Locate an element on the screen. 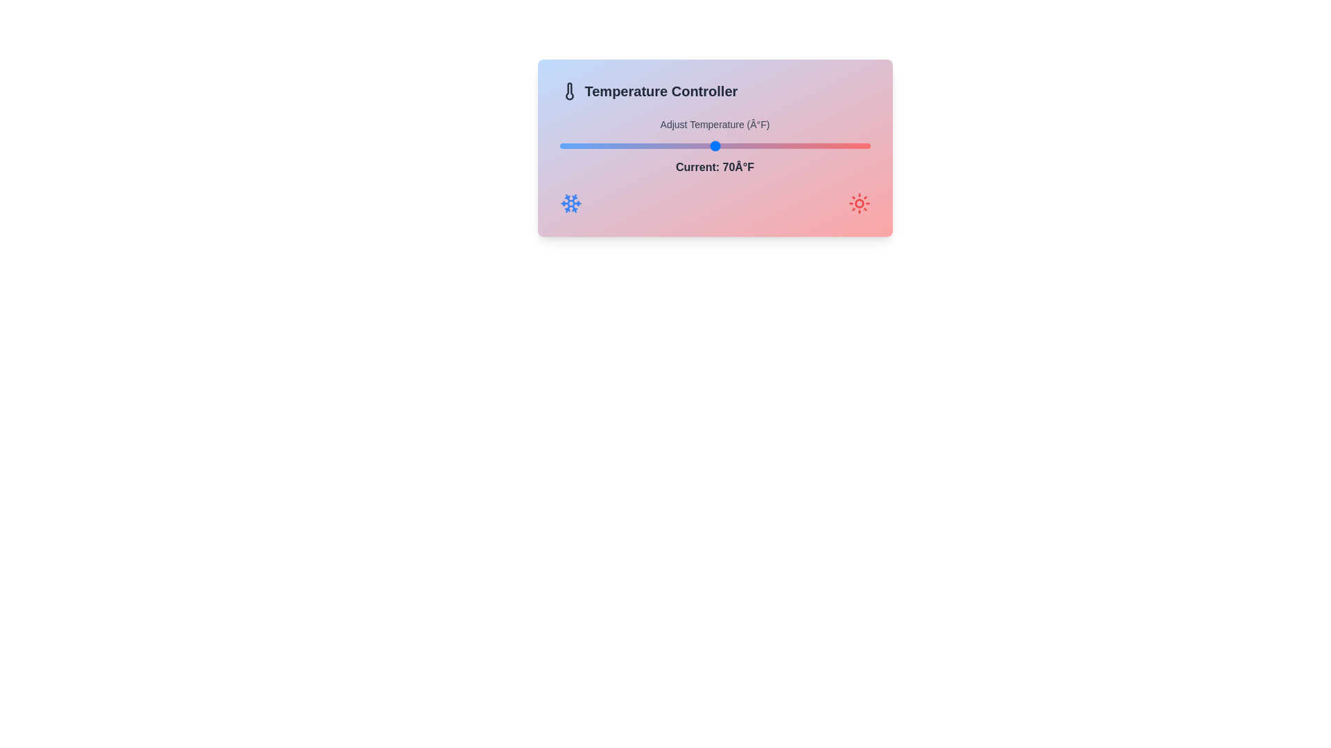 The image size is (1331, 748). the decorative icon snowflake to simulate interaction is located at coordinates (571, 203).